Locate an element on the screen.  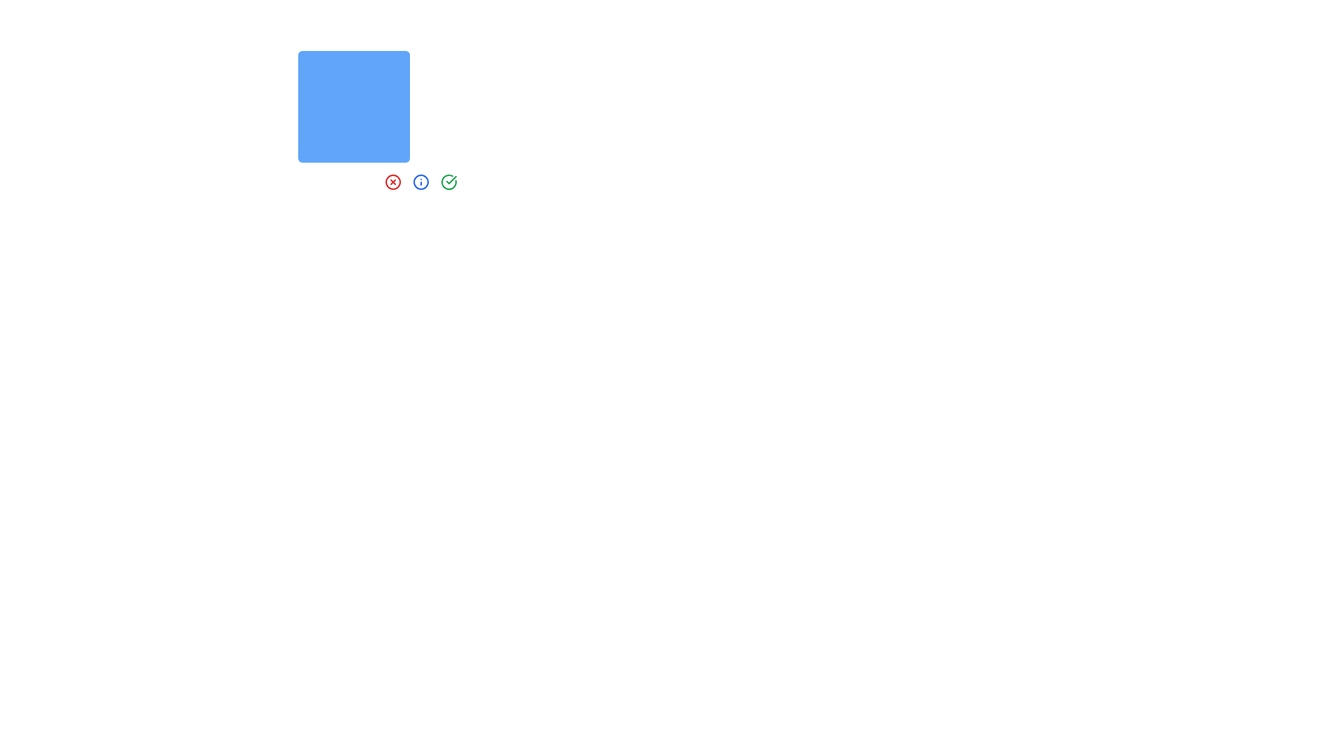
the SVG circle component located near the bottom-left corner of the graphical icons, which indicates a status or action involving rejection or removal is located at coordinates (392, 182).